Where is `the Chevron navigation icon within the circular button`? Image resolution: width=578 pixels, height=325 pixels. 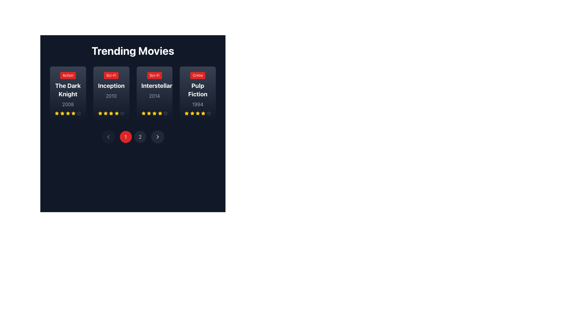
the Chevron navigation icon within the circular button is located at coordinates (108, 137).